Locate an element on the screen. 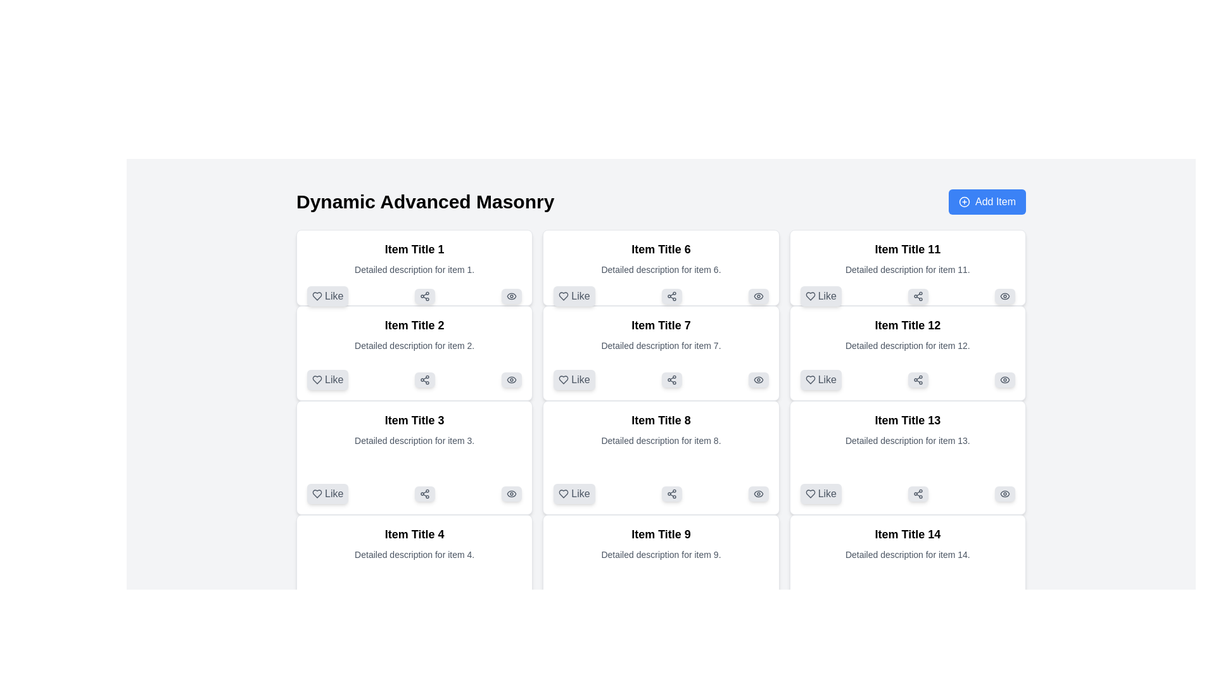 The image size is (1216, 684). the small, pill-shaped button with a gray background and an eye icon in the bottom-right corner of the card labeled 'Item Title 13' is located at coordinates (1004, 493).